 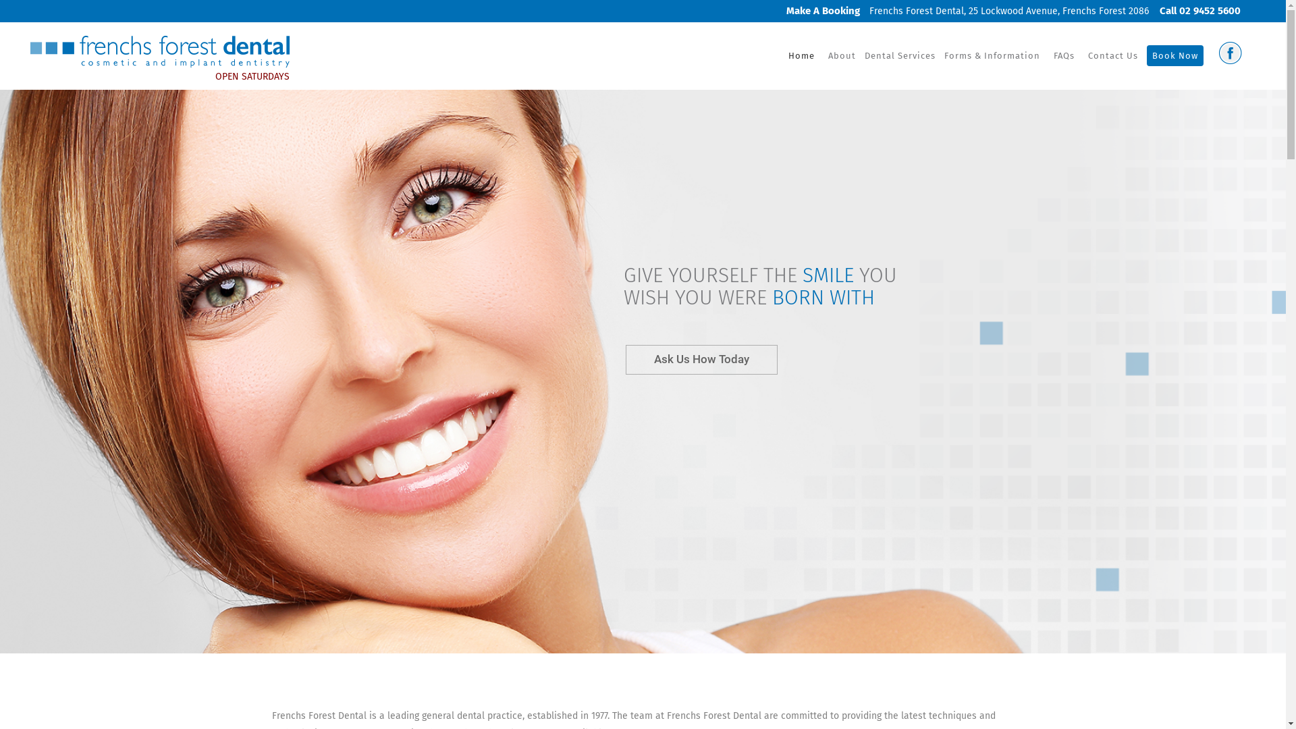 What do you see at coordinates (992, 55) in the screenshot?
I see `'Forms & Information'` at bounding box center [992, 55].